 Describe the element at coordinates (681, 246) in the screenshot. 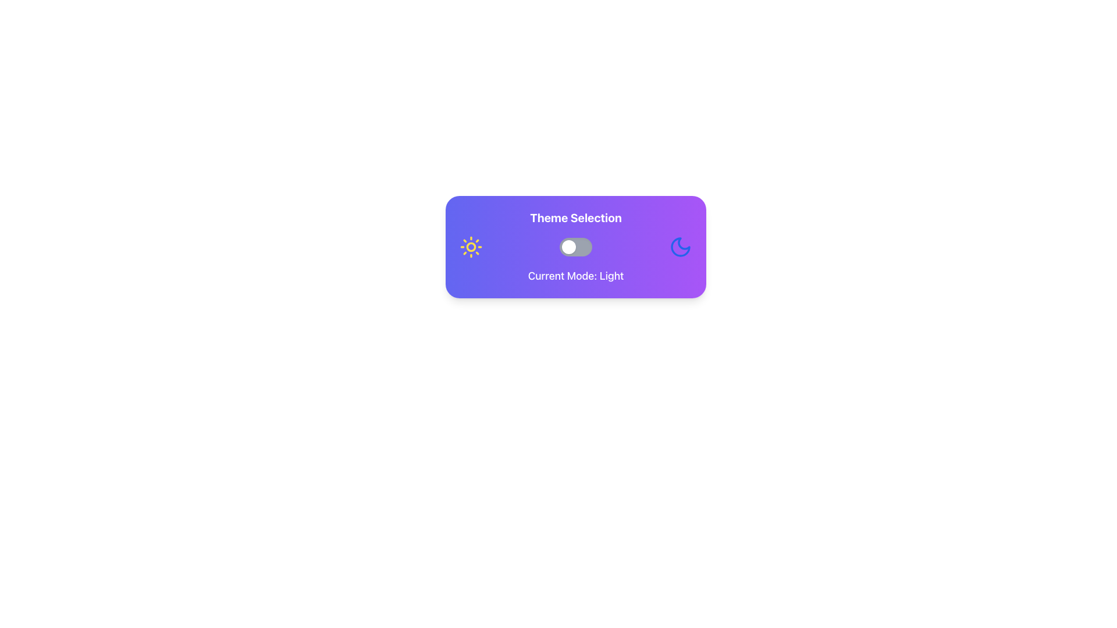

I see `the dark mode SVG icon located at the far right of the theme selection panel` at that location.